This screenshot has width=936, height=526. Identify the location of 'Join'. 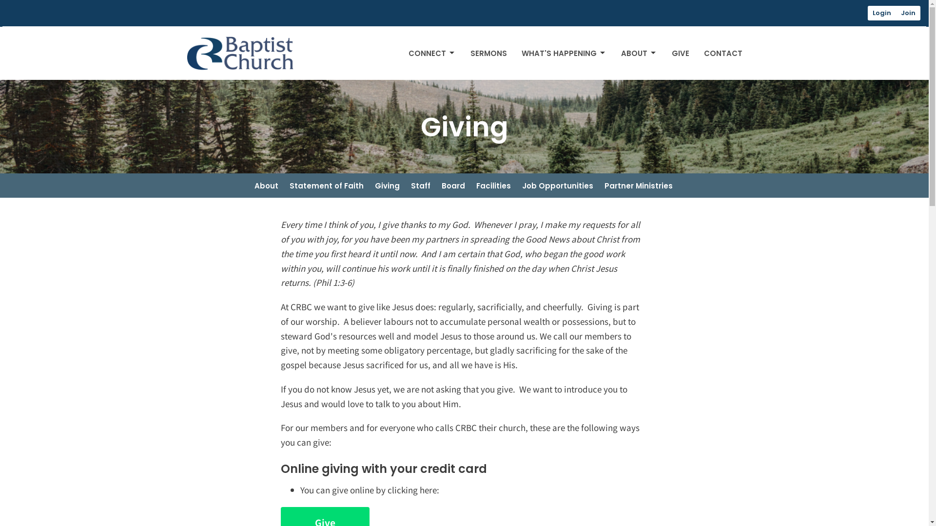
(907, 13).